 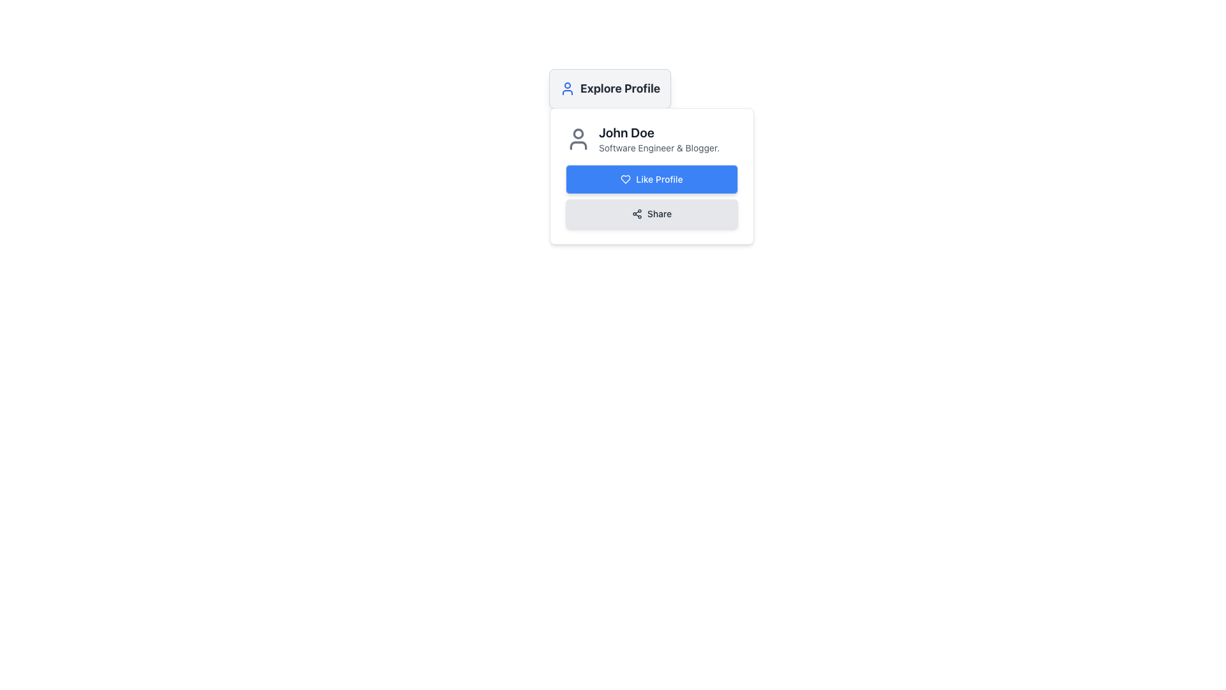 I want to click on the heart icon located in the center of the blue rectangular button labeled 'Like Profile' to like the associated profile, so click(x=626, y=180).